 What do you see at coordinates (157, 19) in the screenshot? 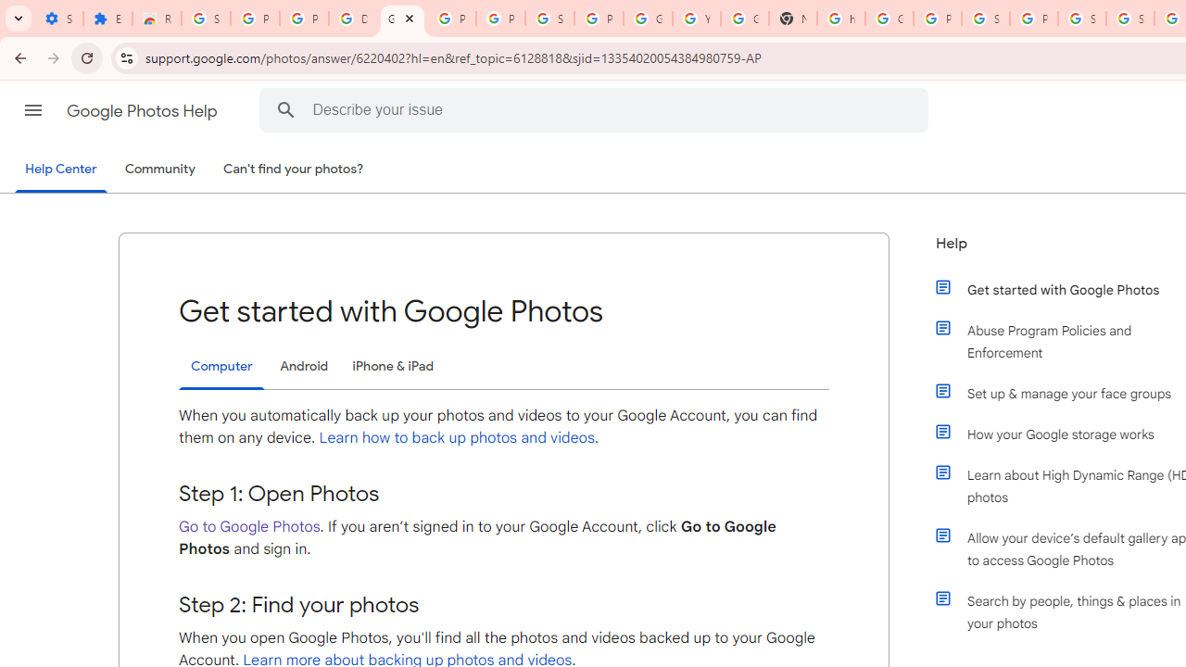
I see `'Reviews: Helix Fruit Jump Arcade Game'` at bounding box center [157, 19].